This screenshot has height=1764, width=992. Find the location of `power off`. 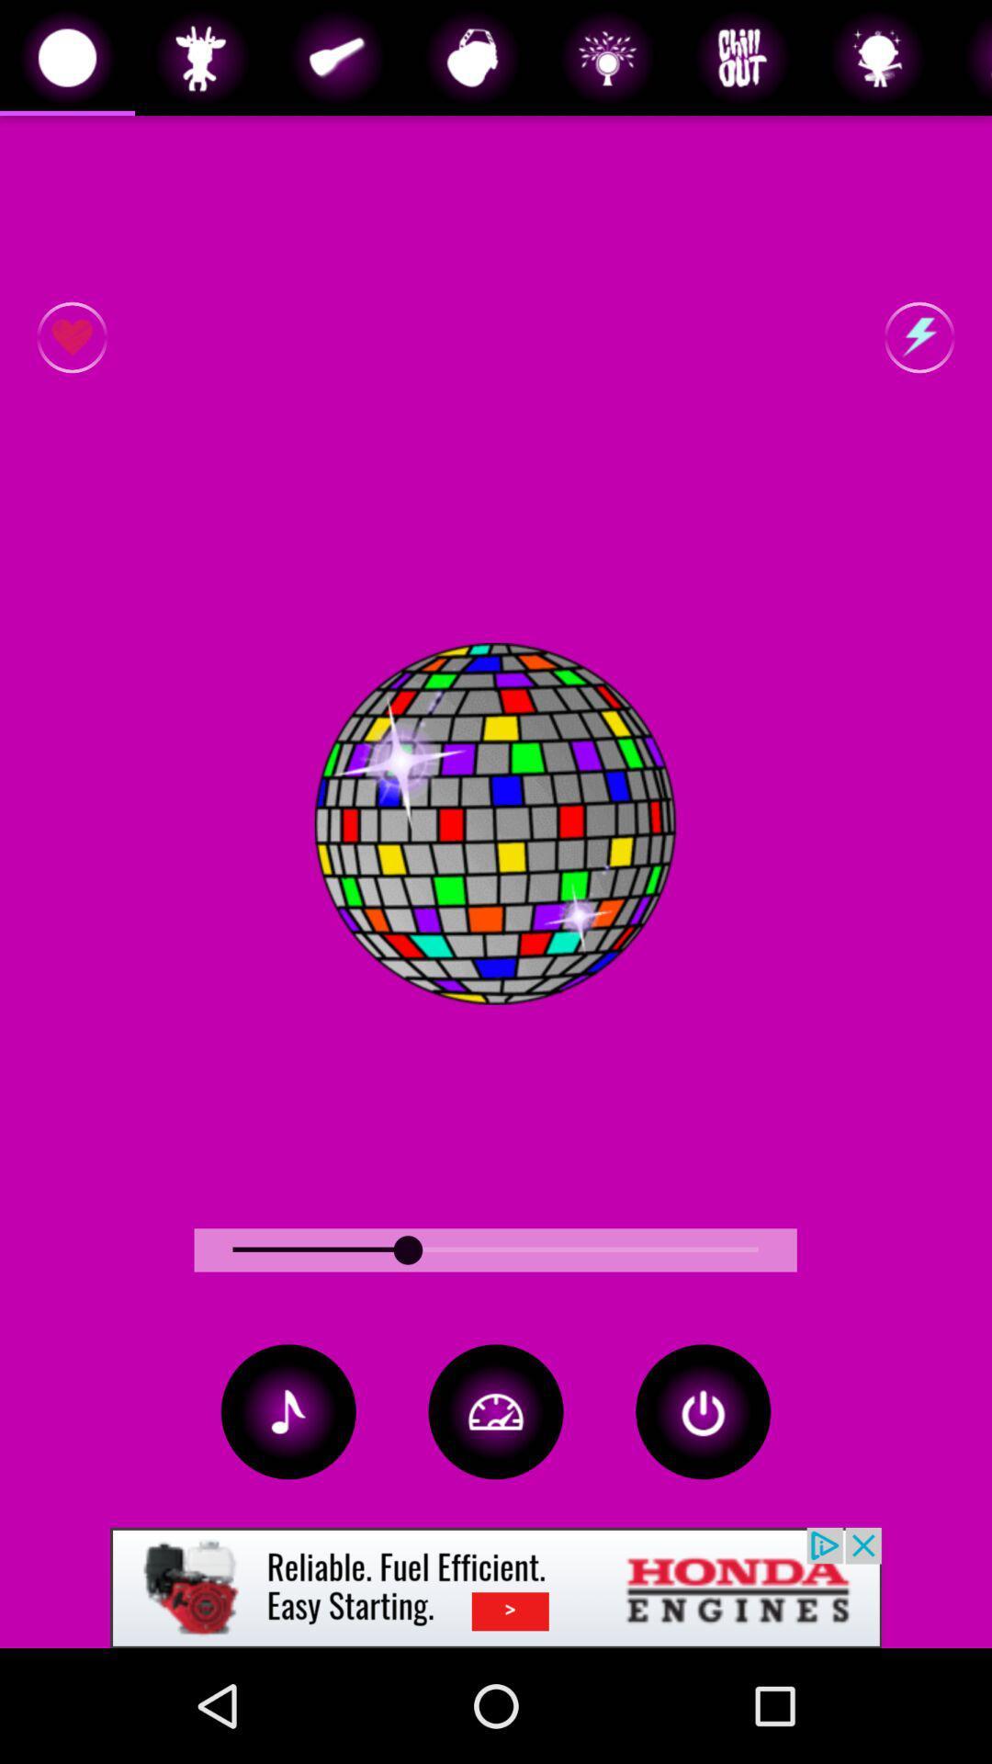

power off is located at coordinates (703, 1410).